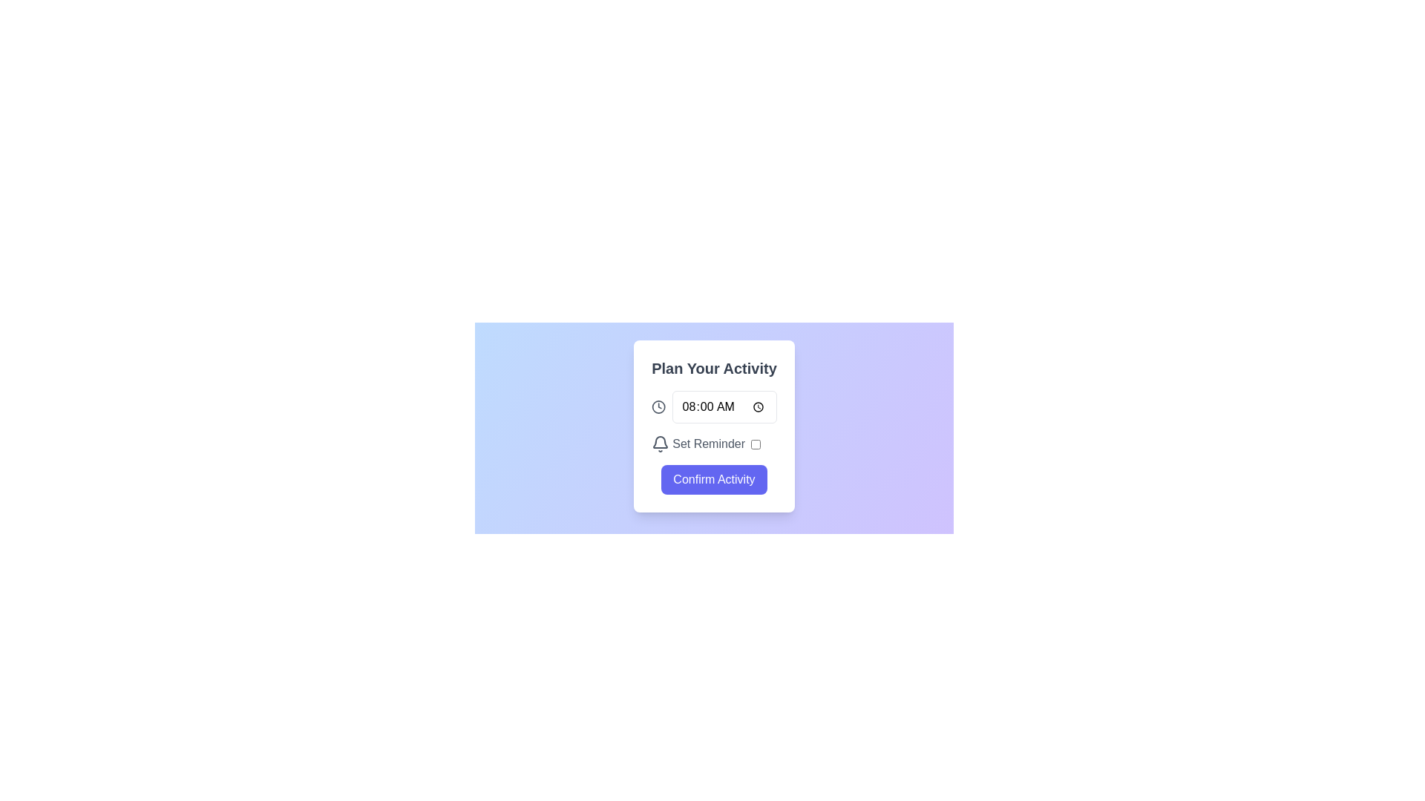 This screenshot has width=1425, height=801. I want to click on the checkbox located at the far-right of the layout block, so click(756, 443).